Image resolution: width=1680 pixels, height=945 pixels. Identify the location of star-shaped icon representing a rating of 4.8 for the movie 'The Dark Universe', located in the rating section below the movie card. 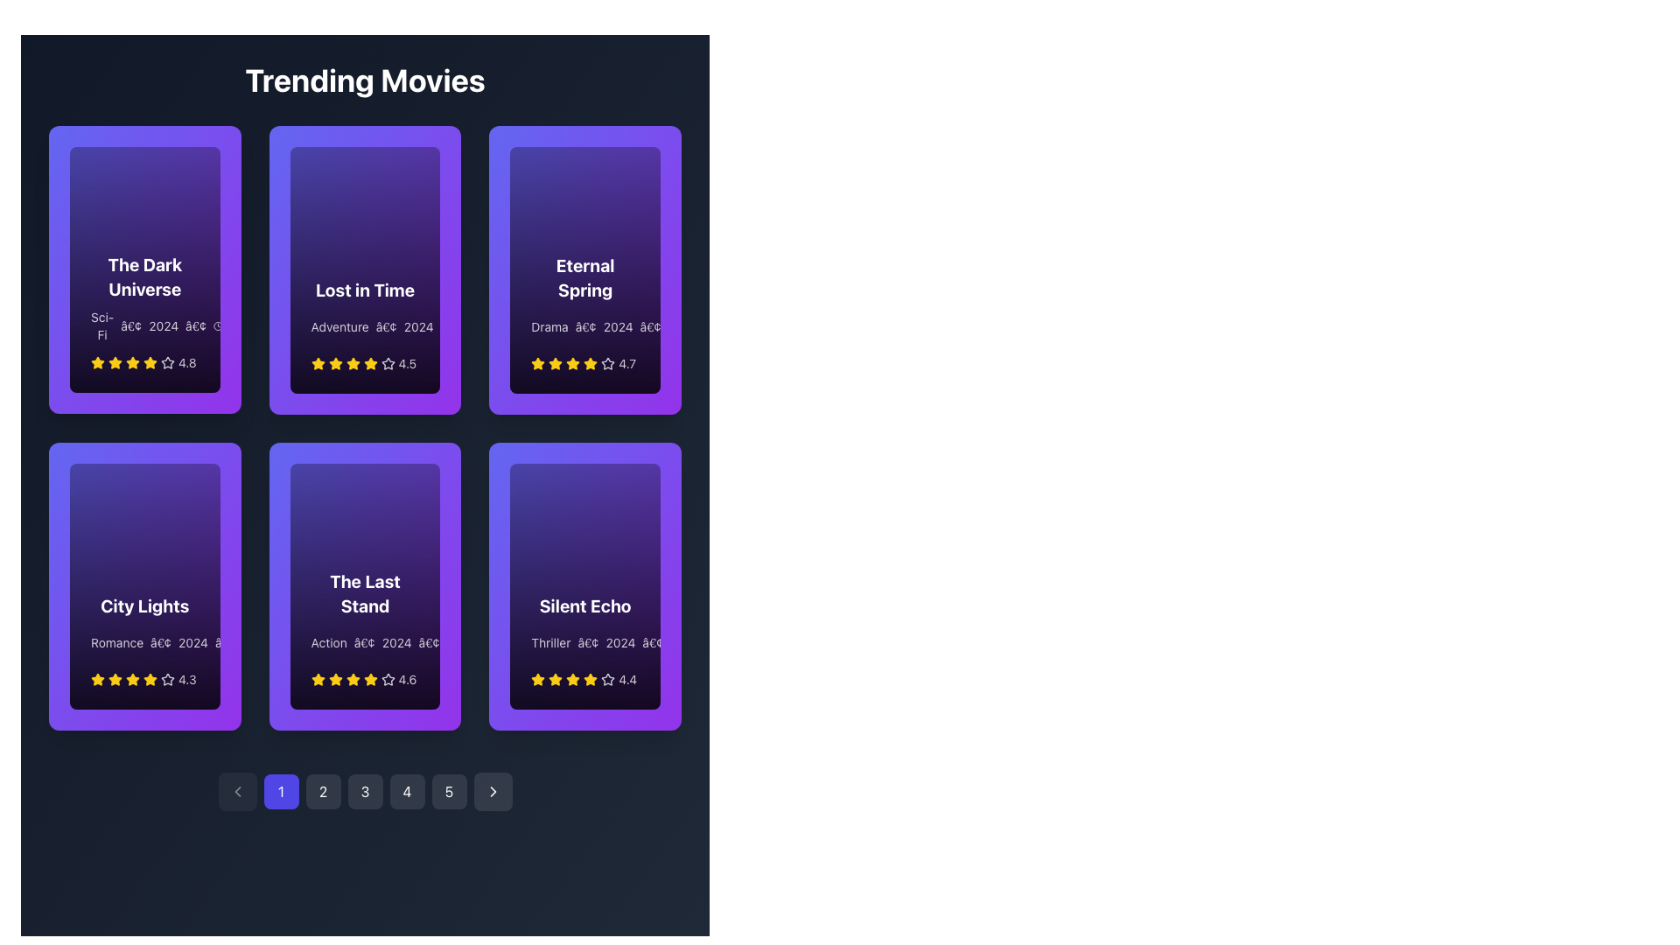
(168, 362).